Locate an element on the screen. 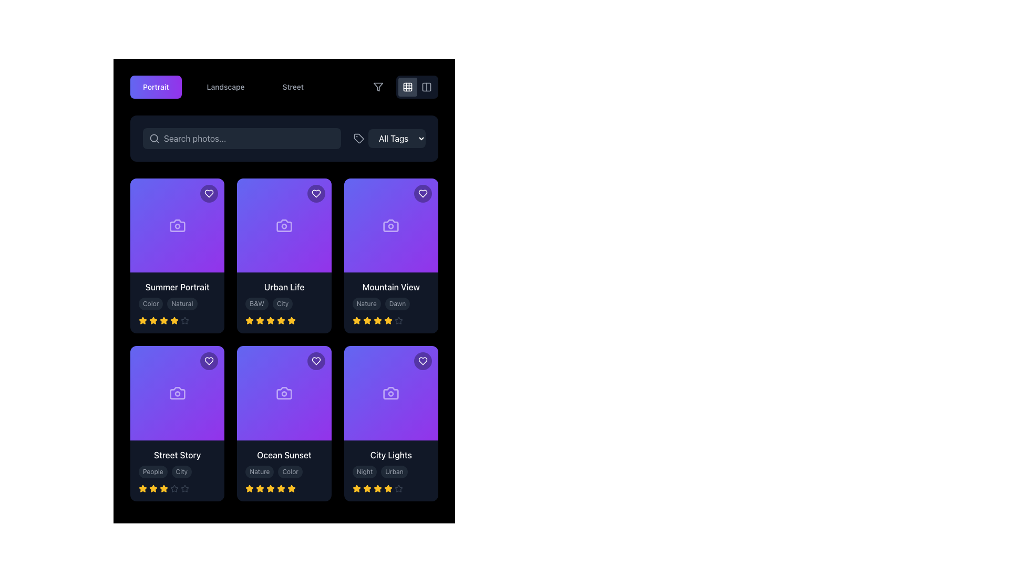 This screenshot has height=567, width=1009. the second star icon in the rating row under the 'Mountain View' card for advanced interaction is located at coordinates (377, 320).